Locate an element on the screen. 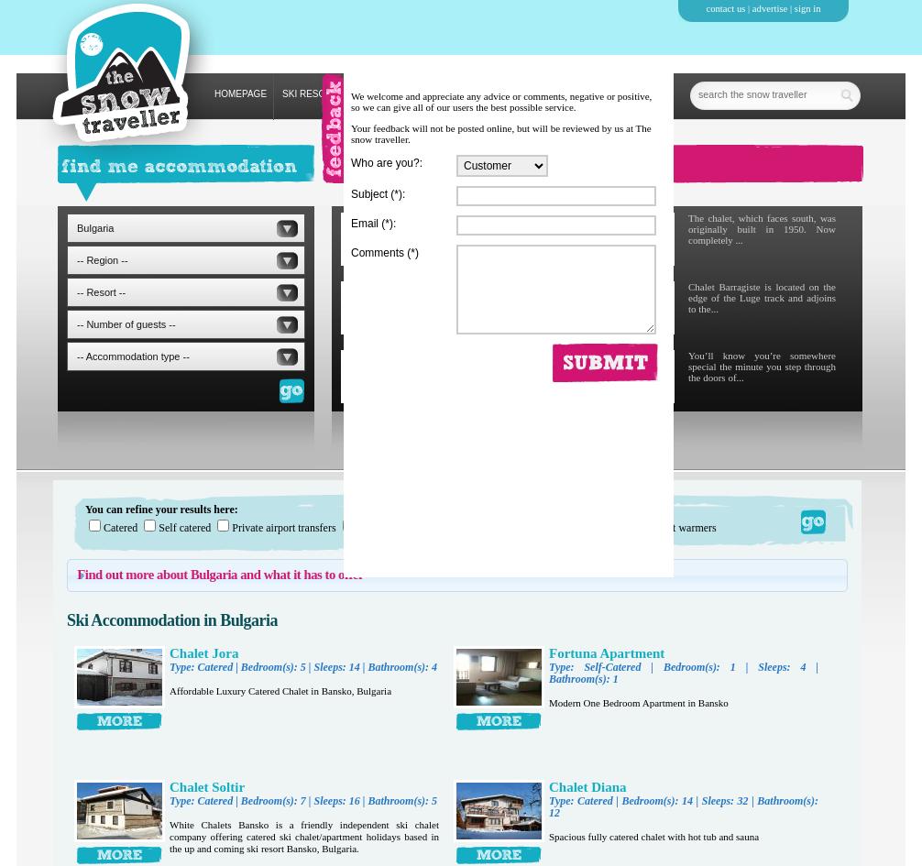  'Self catered' is located at coordinates (184, 527).